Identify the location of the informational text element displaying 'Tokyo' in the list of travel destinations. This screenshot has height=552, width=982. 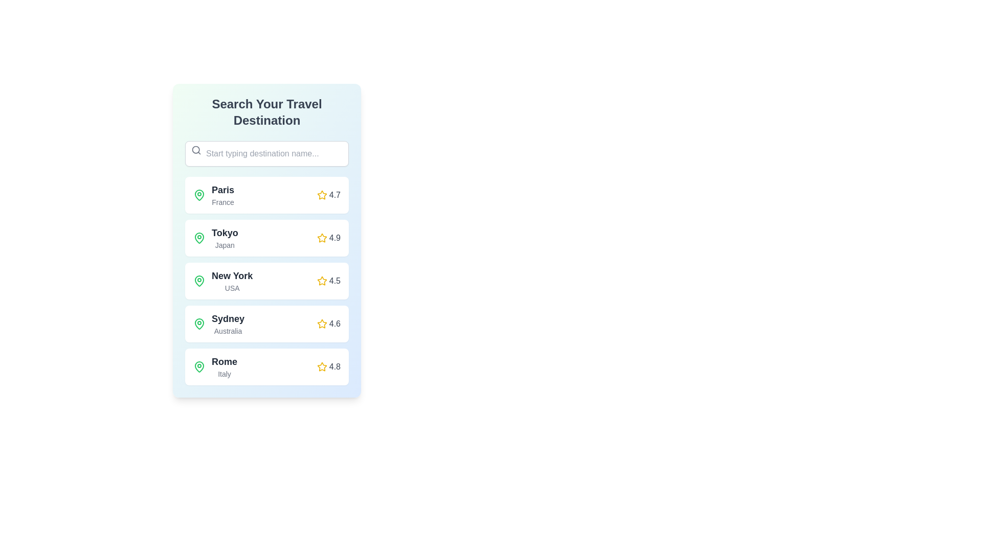
(224, 238).